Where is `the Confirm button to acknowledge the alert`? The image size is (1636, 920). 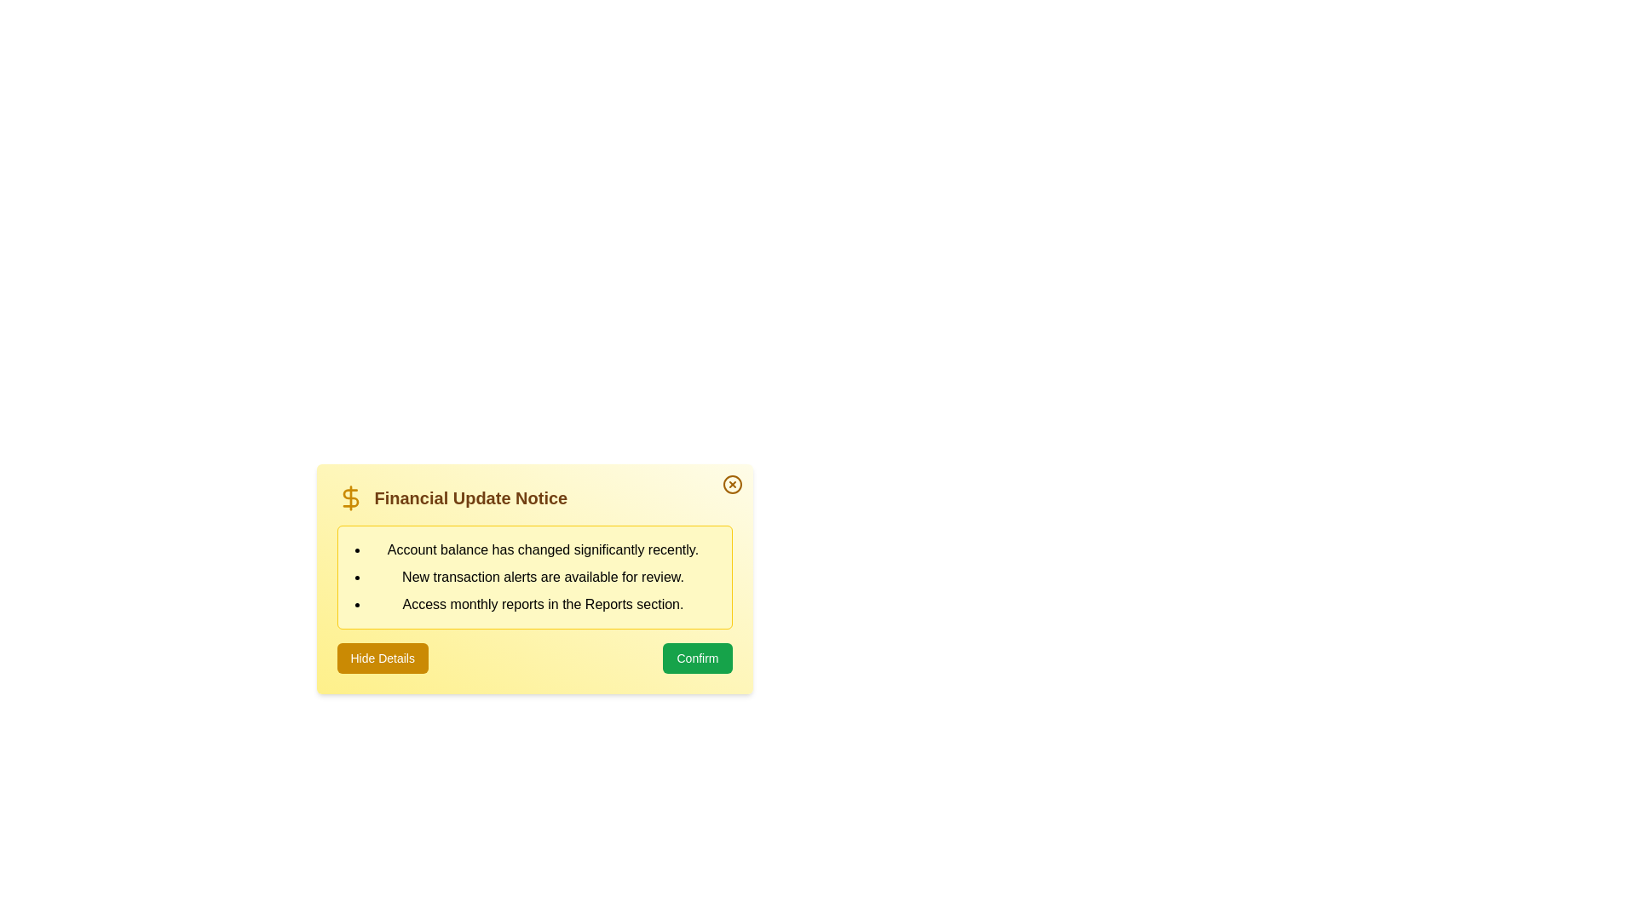 the Confirm button to acknowledge the alert is located at coordinates (698, 657).